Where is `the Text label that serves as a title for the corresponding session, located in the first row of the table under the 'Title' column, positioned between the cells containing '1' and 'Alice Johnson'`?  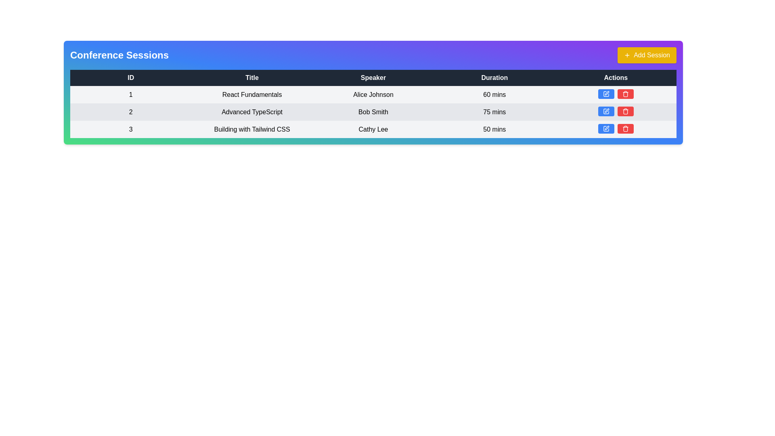
the Text label that serves as a title for the corresponding session, located in the first row of the table under the 'Title' column, positioned between the cells containing '1' and 'Alice Johnson' is located at coordinates (251, 94).